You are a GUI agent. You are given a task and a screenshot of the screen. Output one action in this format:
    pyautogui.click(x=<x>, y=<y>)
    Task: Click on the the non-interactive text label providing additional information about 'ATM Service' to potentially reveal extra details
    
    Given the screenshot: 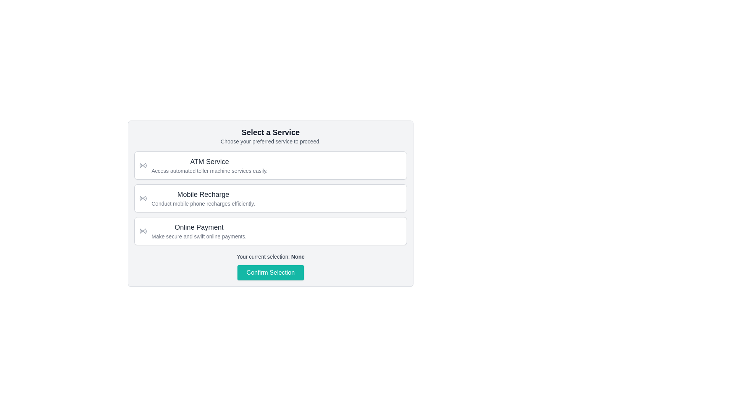 What is the action you would take?
    pyautogui.click(x=209, y=170)
    